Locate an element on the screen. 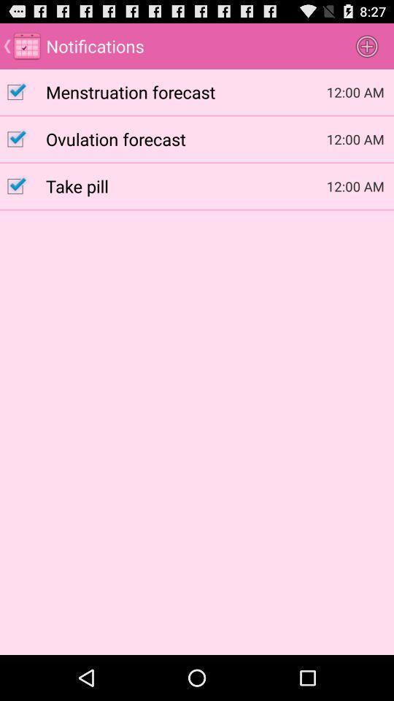 The width and height of the screenshot is (394, 701). activate ovulation forecast notification is located at coordinates (22, 139).